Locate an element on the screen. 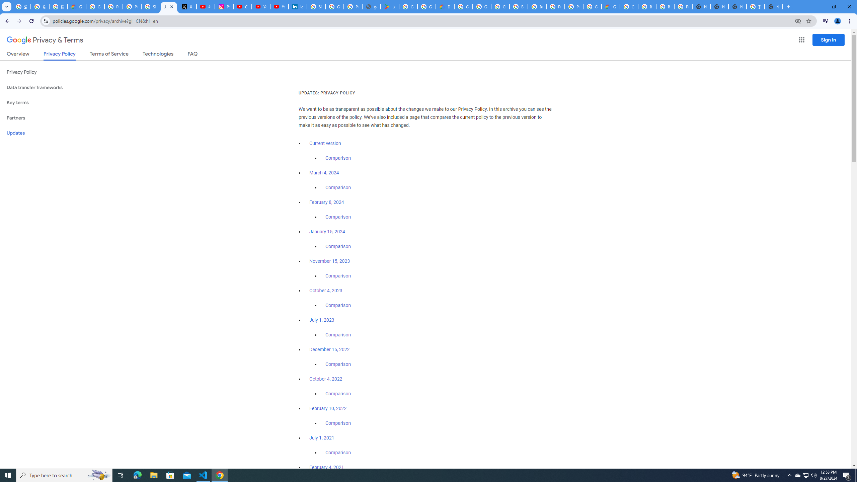  'October 4, 2023' is located at coordinates (326, 291).